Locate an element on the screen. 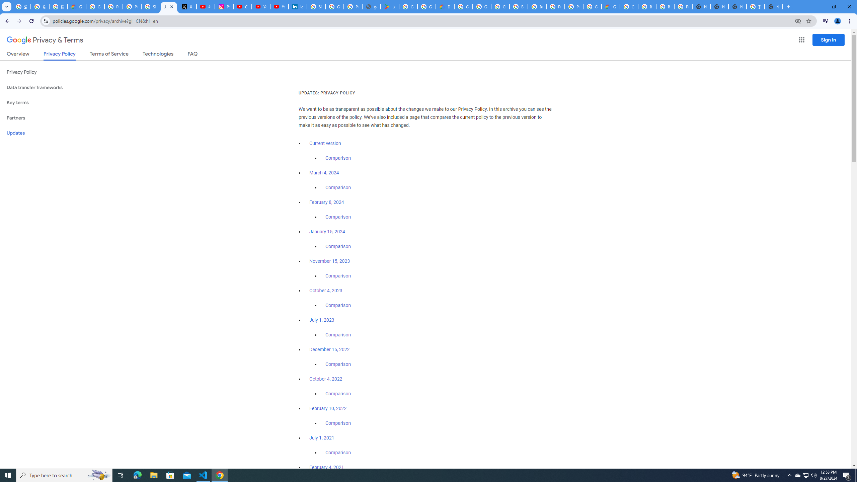  'October 4, 2023' is located at coordinates (326, 291).